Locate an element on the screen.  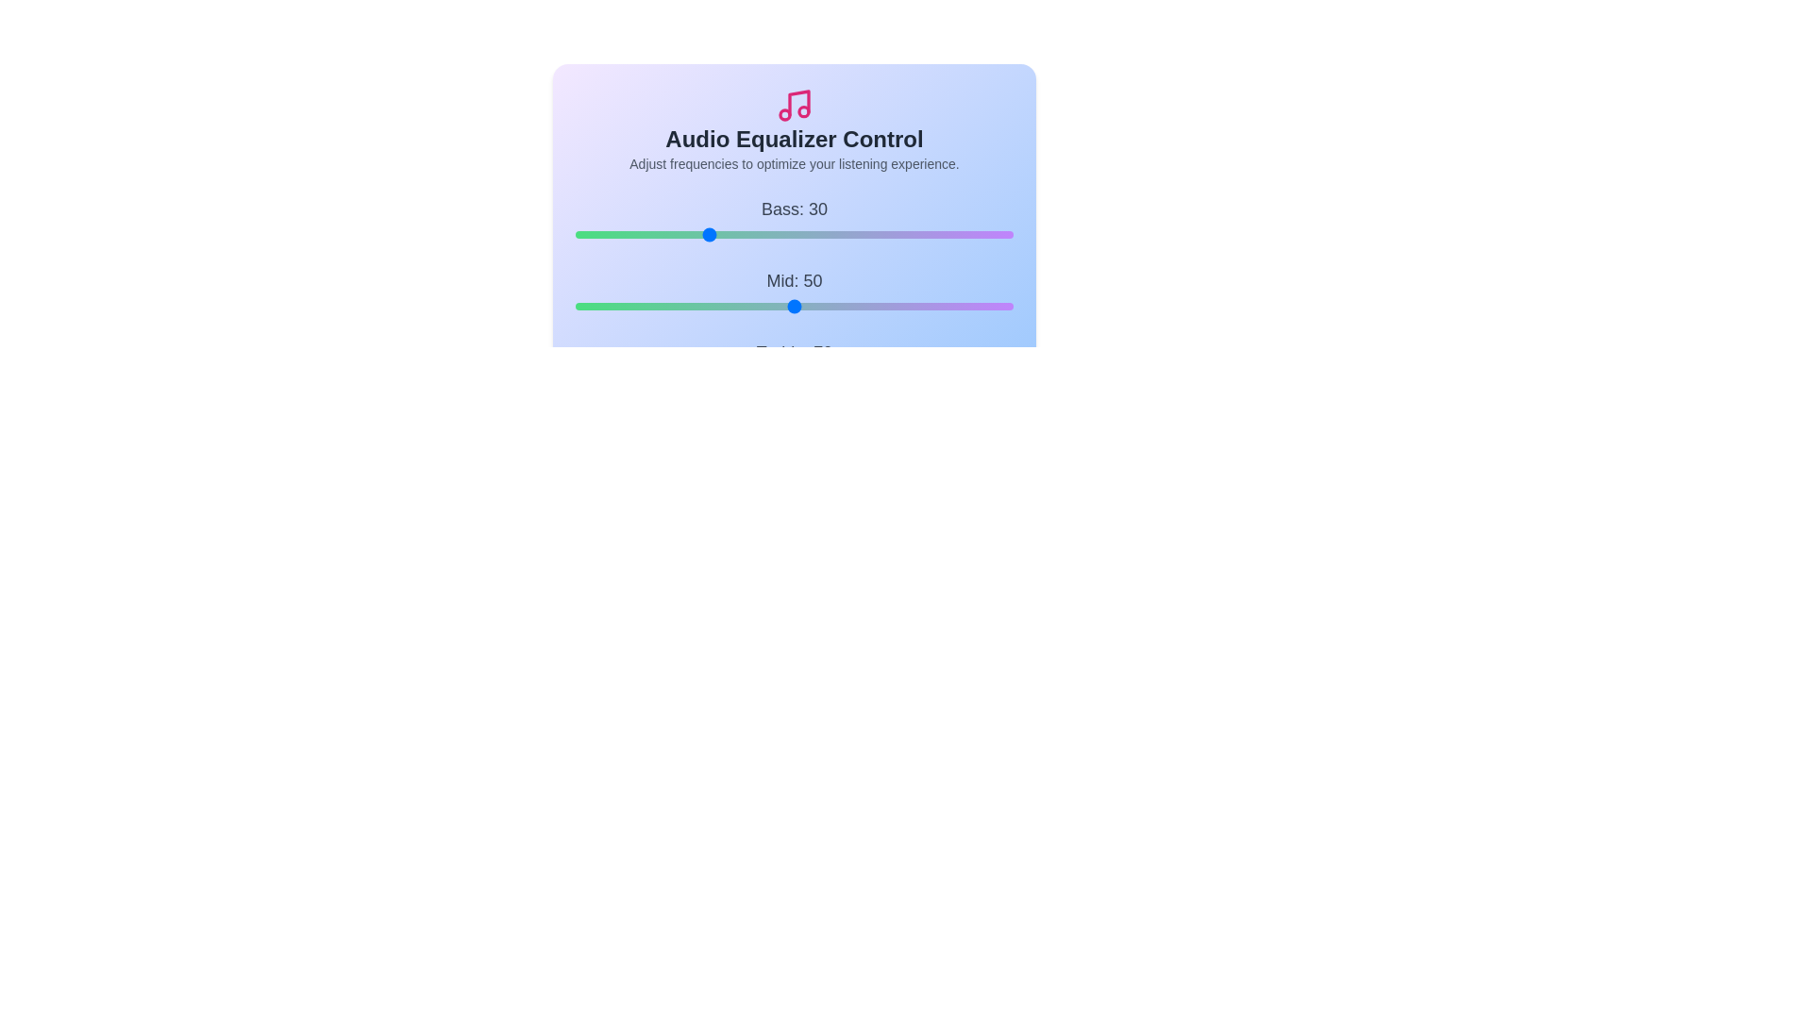
the 'Mid' slider to set the midrange level to 30 is located at coordinates (706, 305).